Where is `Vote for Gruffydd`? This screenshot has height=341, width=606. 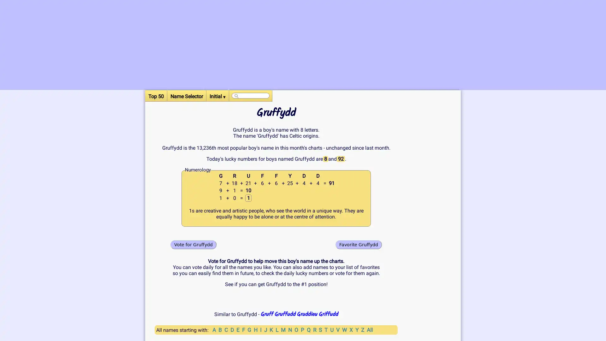 Vote for Gruffydd is located at coordinates (193, 244).